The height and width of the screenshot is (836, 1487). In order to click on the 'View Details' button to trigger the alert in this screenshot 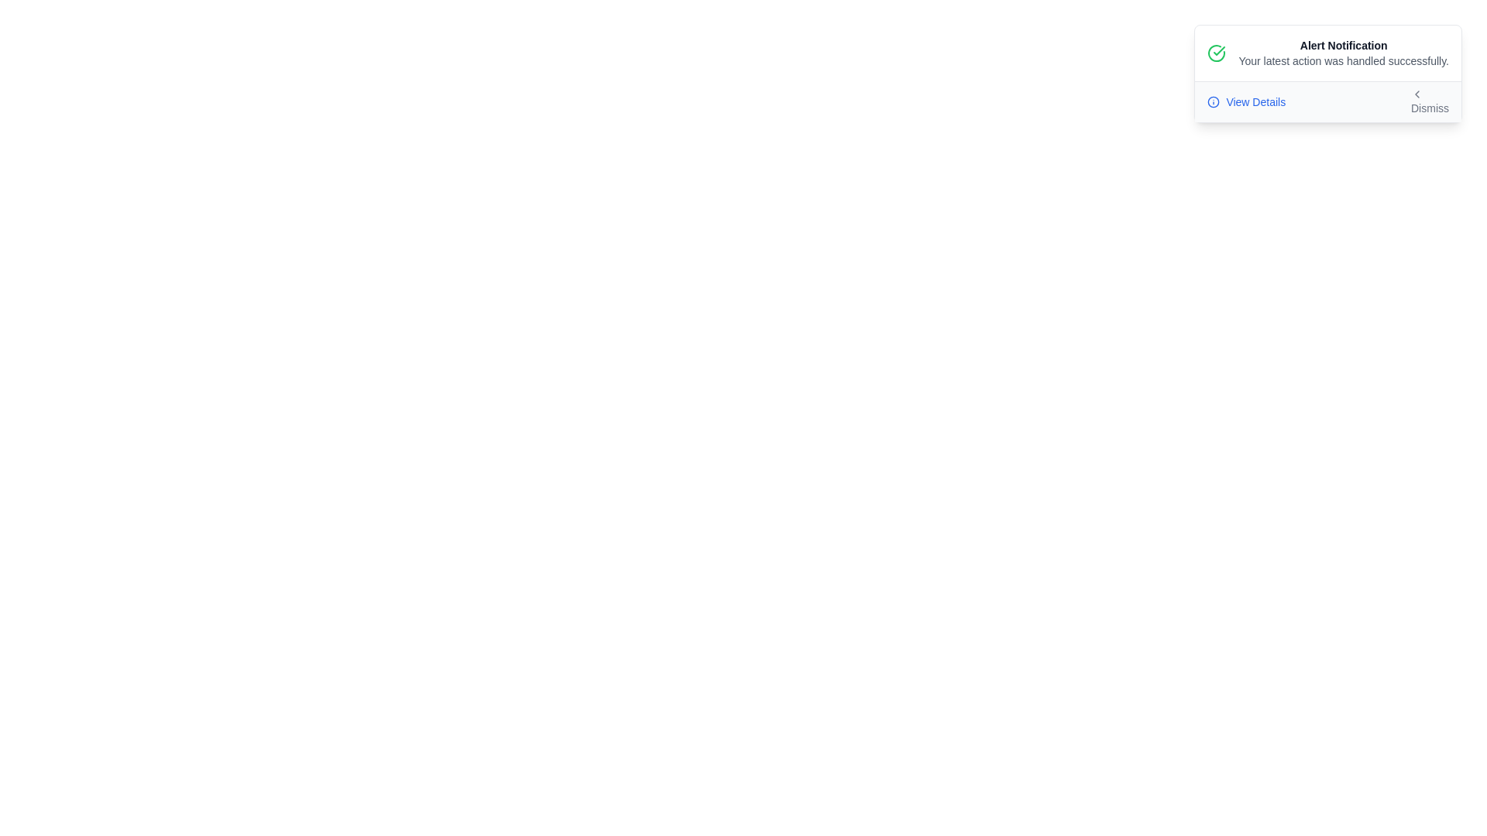, I will do `click(1246, 101)`.